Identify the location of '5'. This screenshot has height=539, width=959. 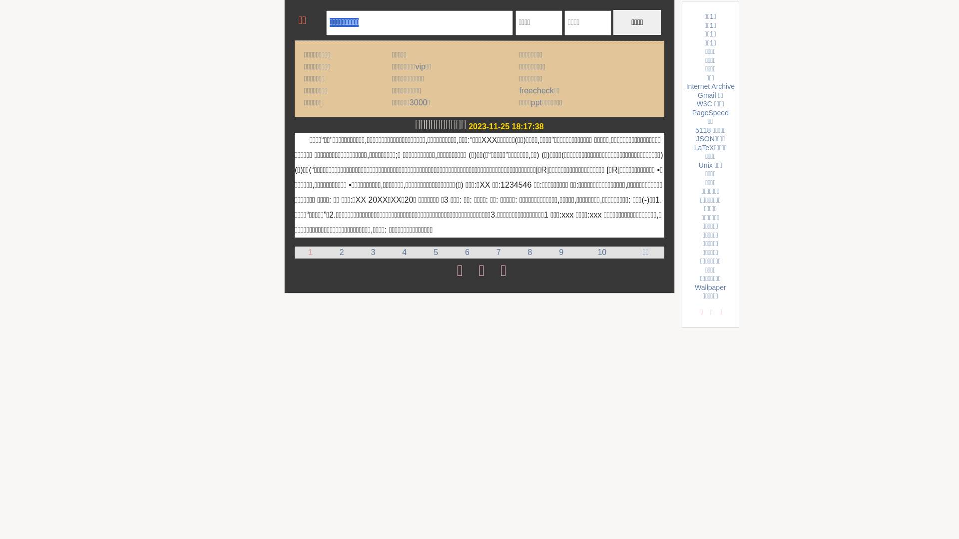
(434, 252).